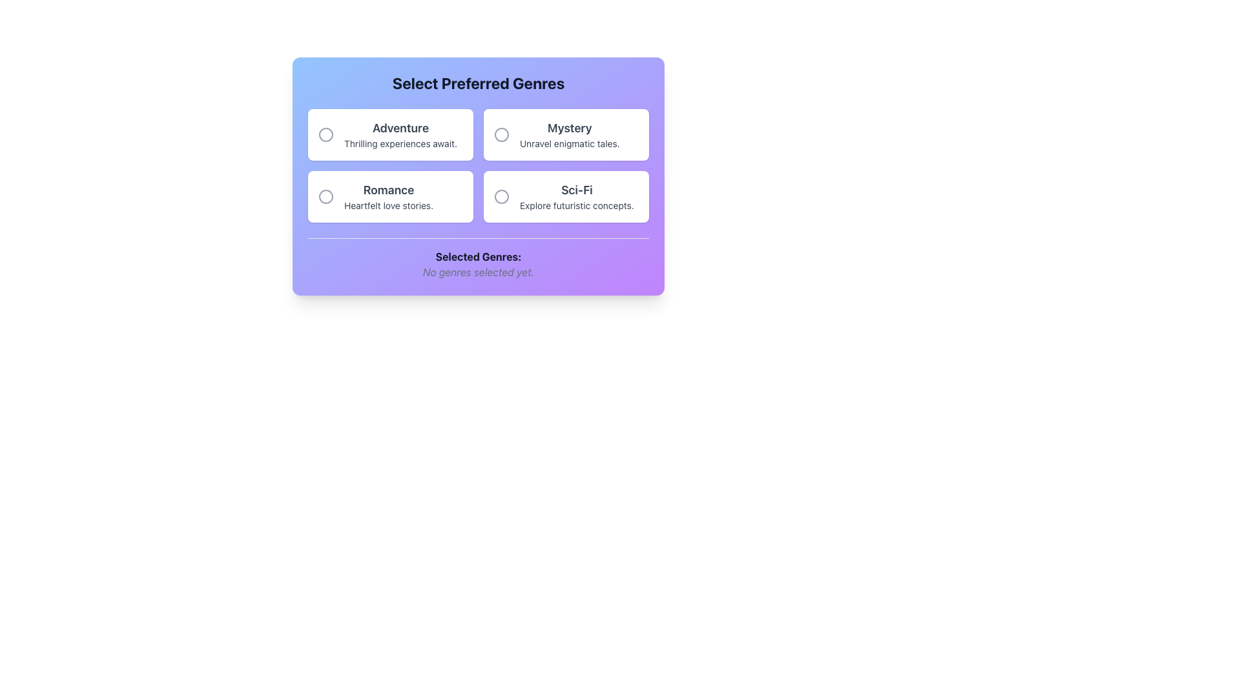 This screenshot has width=1240, height=697. What do you see at coordinates (389, 196) in the screenshot?
I see `the 'Romance' genre button, which is the third button in a grid layout located in the bottom-left position beneath 'Adventure' and to the left of 'Sci-Fi'` at bounding box center [389, 196].